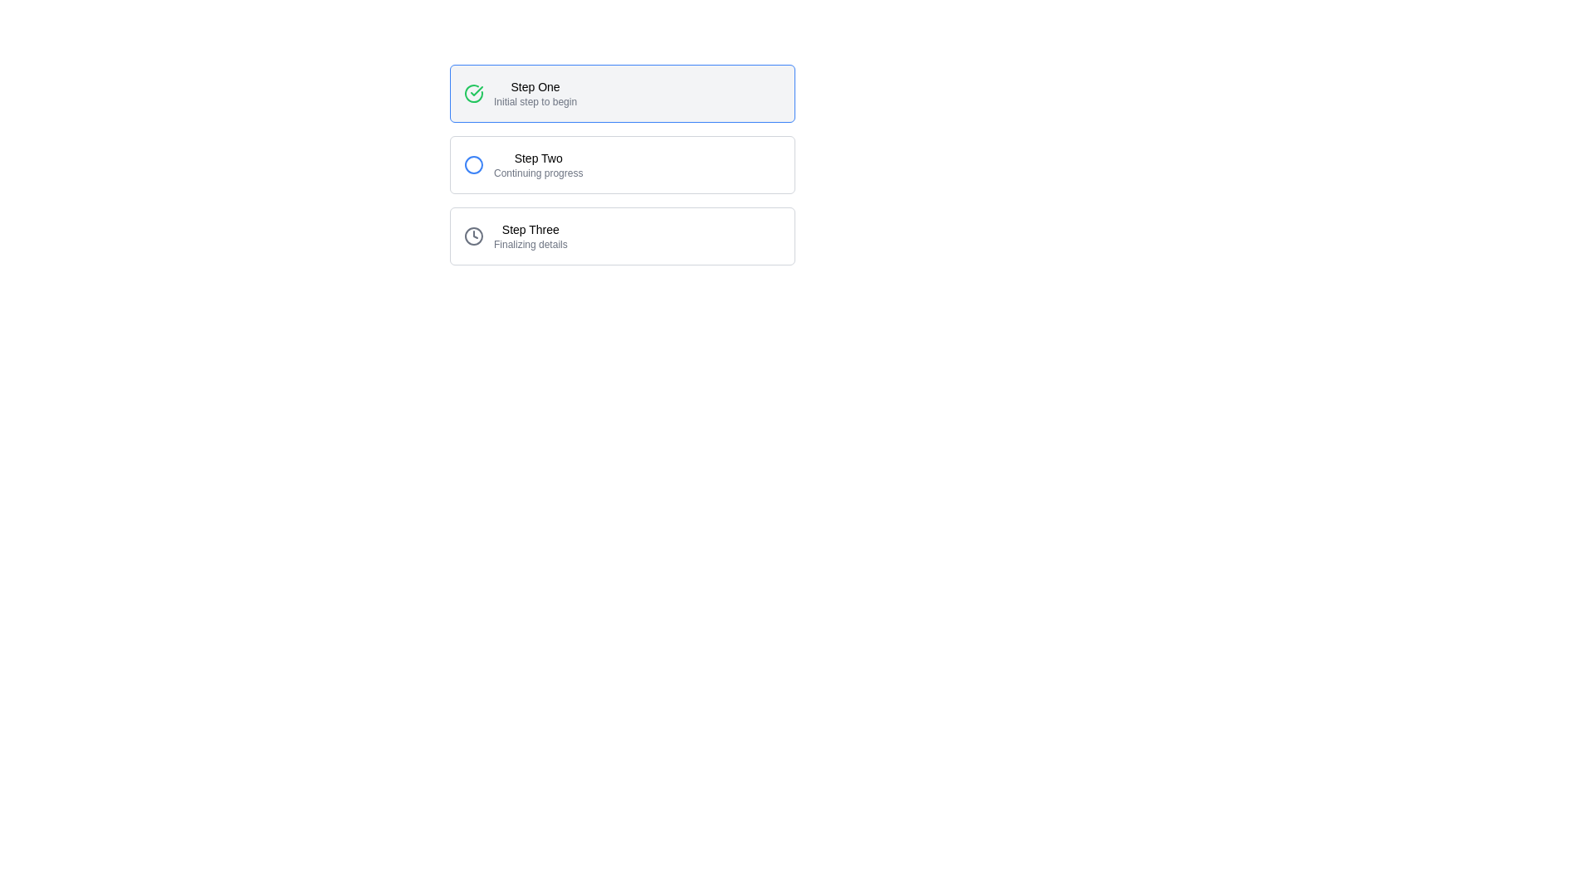 The height and width of the screenshot is (896, 1594). I want to click on the text label displaying 'Continuing progress' located under the 'Step Two' label in the progress tracker component, so click(538, 173).